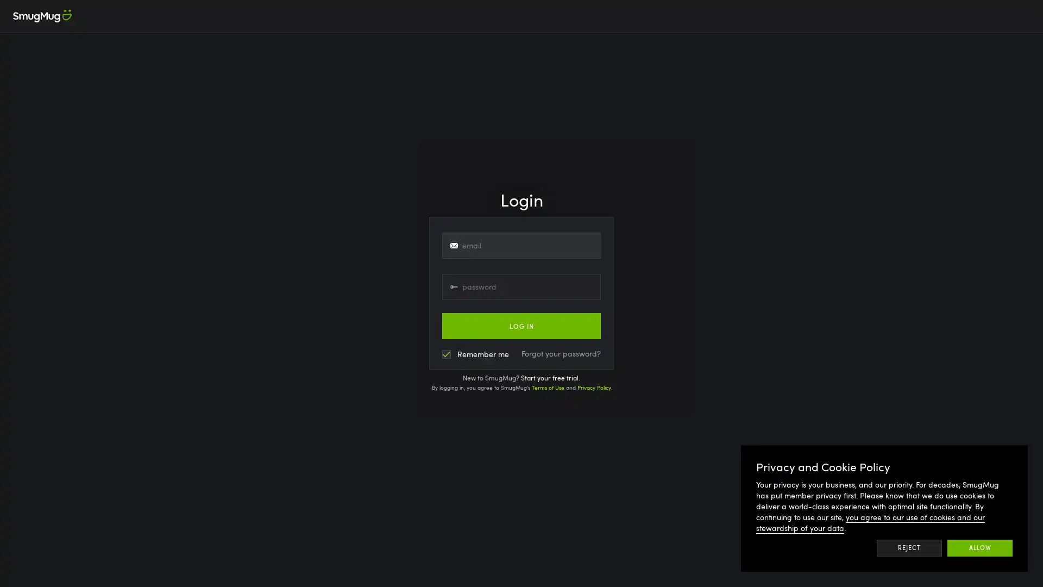 Image resolution: width=1043 pixels, height=587 pixels. What do you see at coordinates (475, 354) in the screenshot?
I see `Remember me` at bounding box center [475, 354].